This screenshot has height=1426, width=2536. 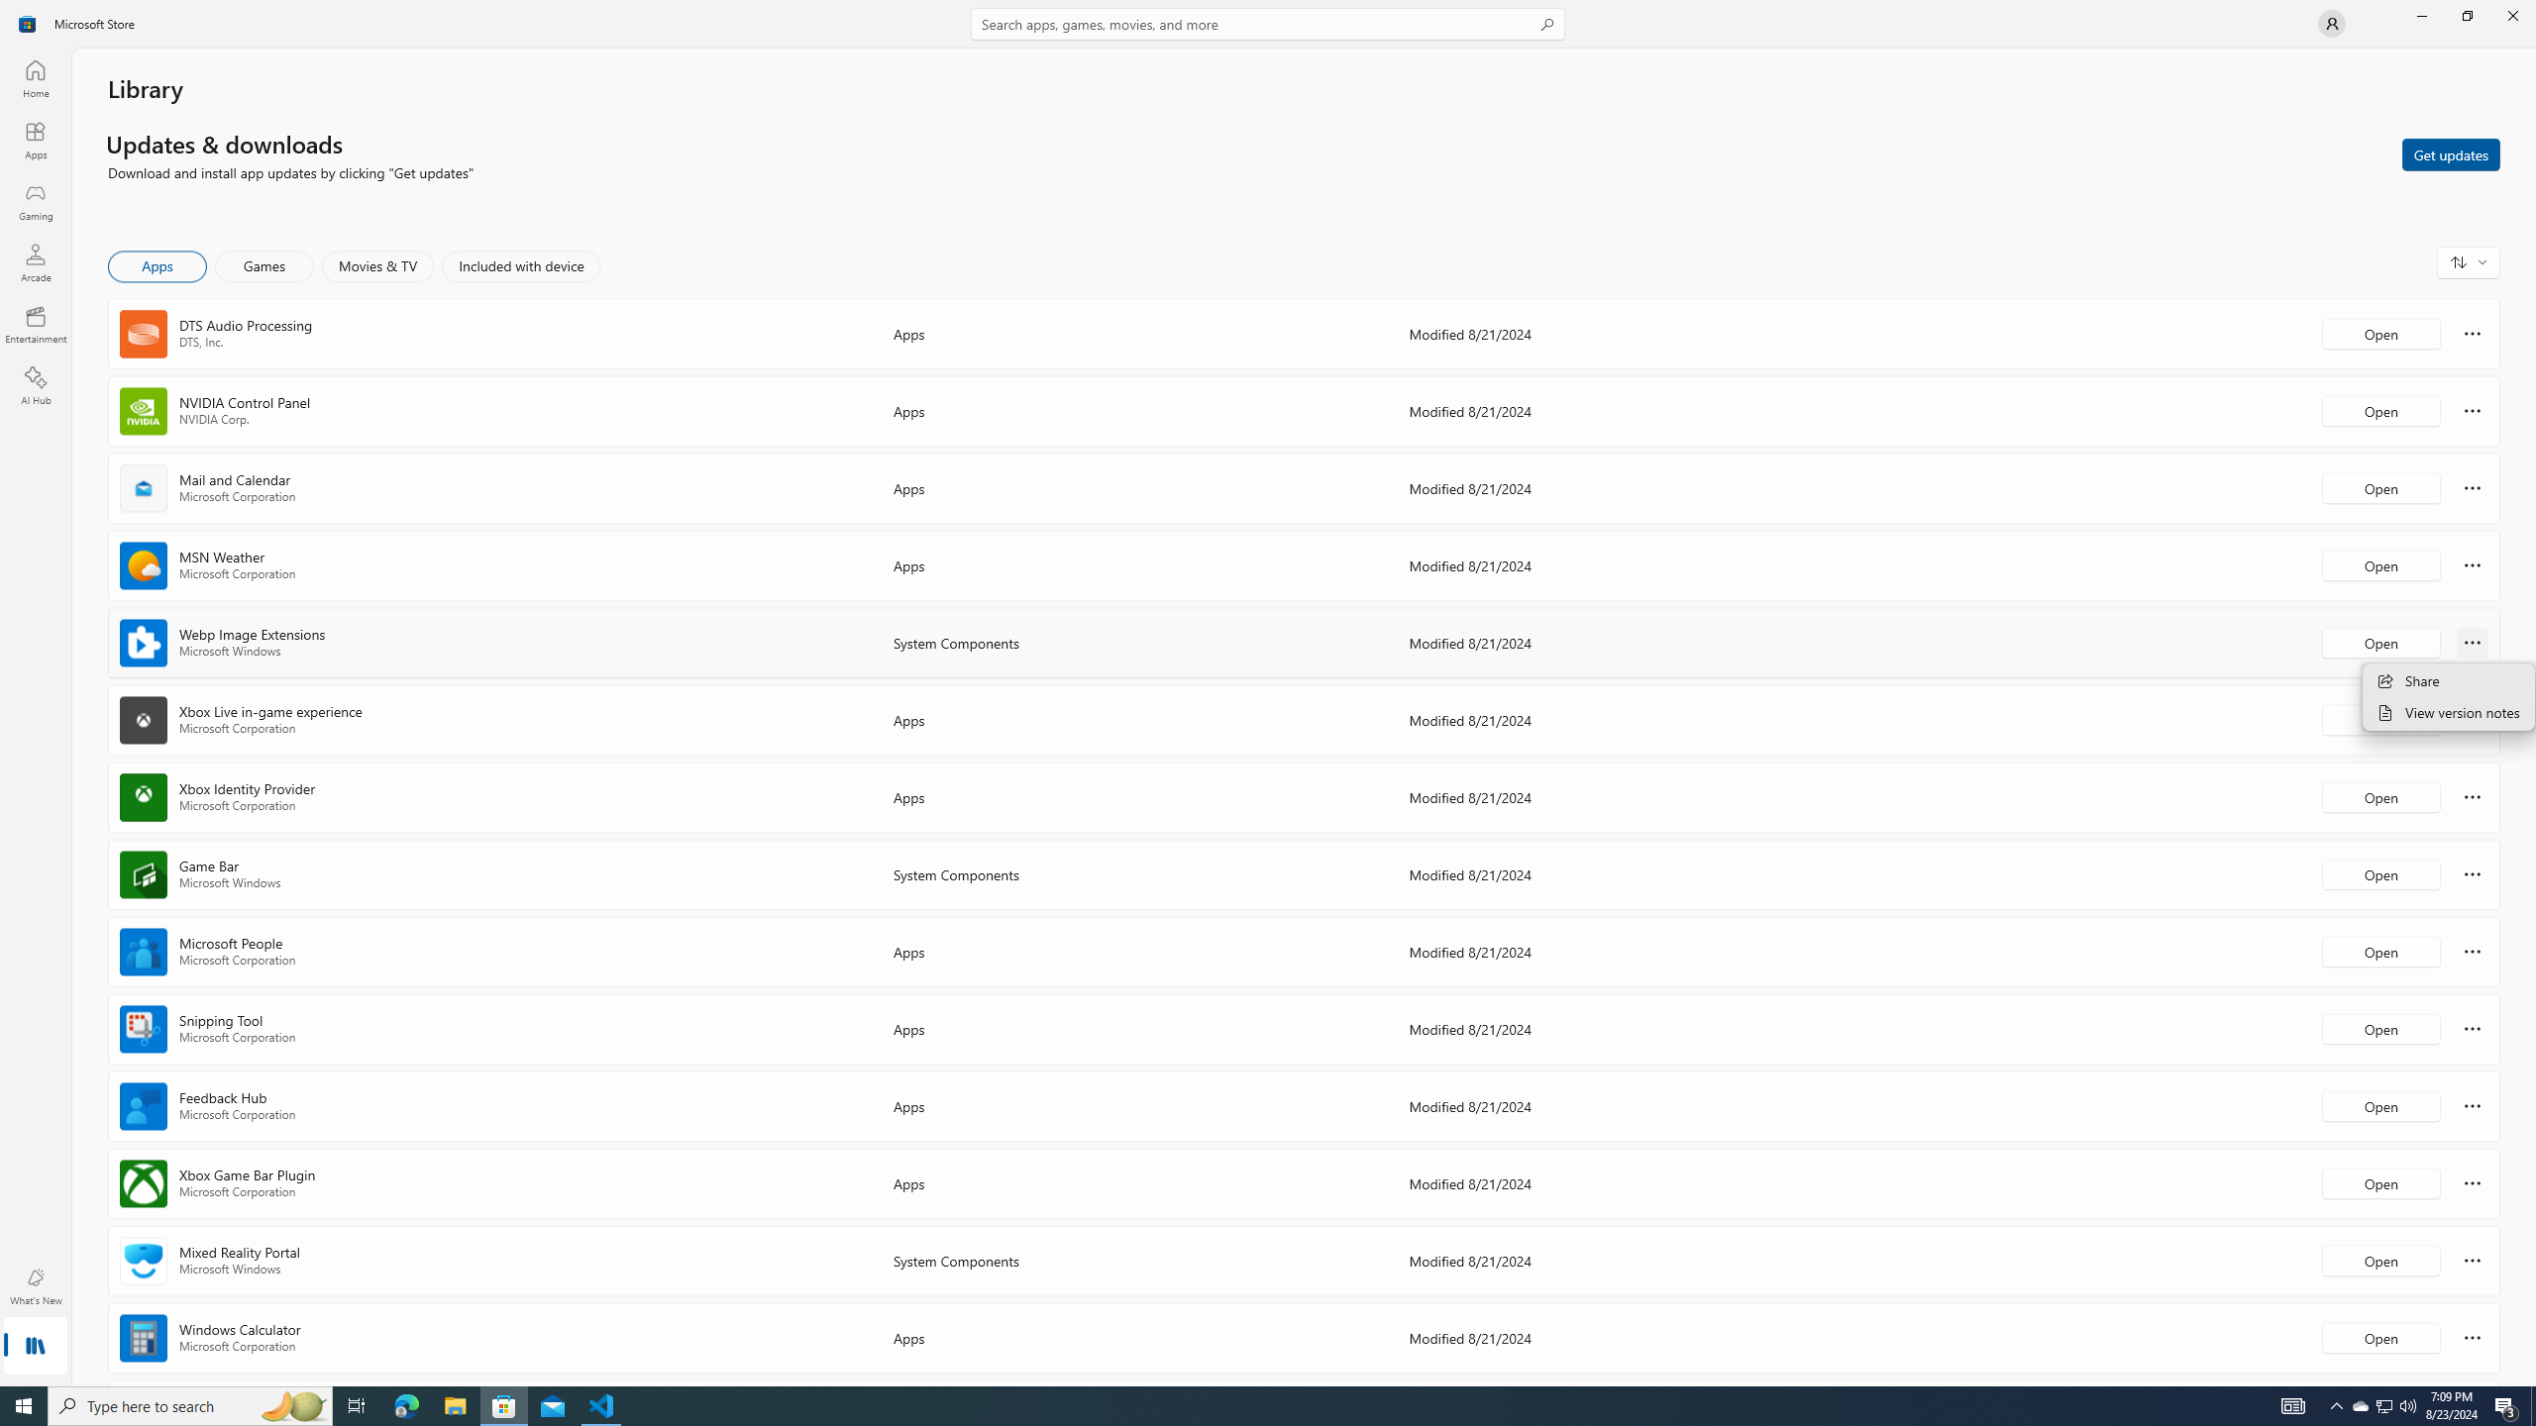 I want to click on 'Games', so click(x=264, y=265).